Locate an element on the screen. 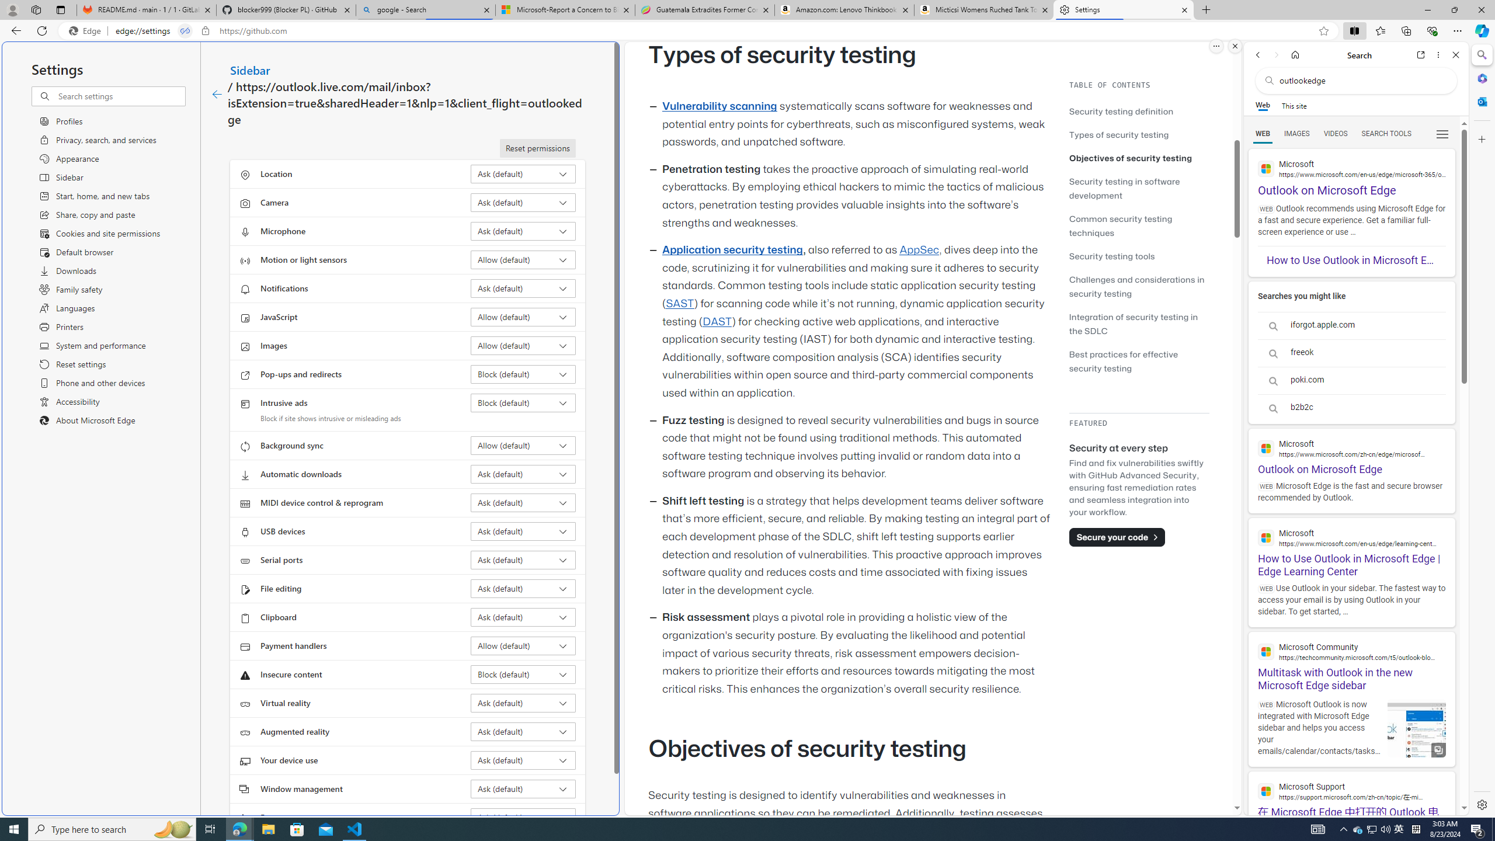  'Automatic downloads Ask (default)' is located at coordinates (523, 474).